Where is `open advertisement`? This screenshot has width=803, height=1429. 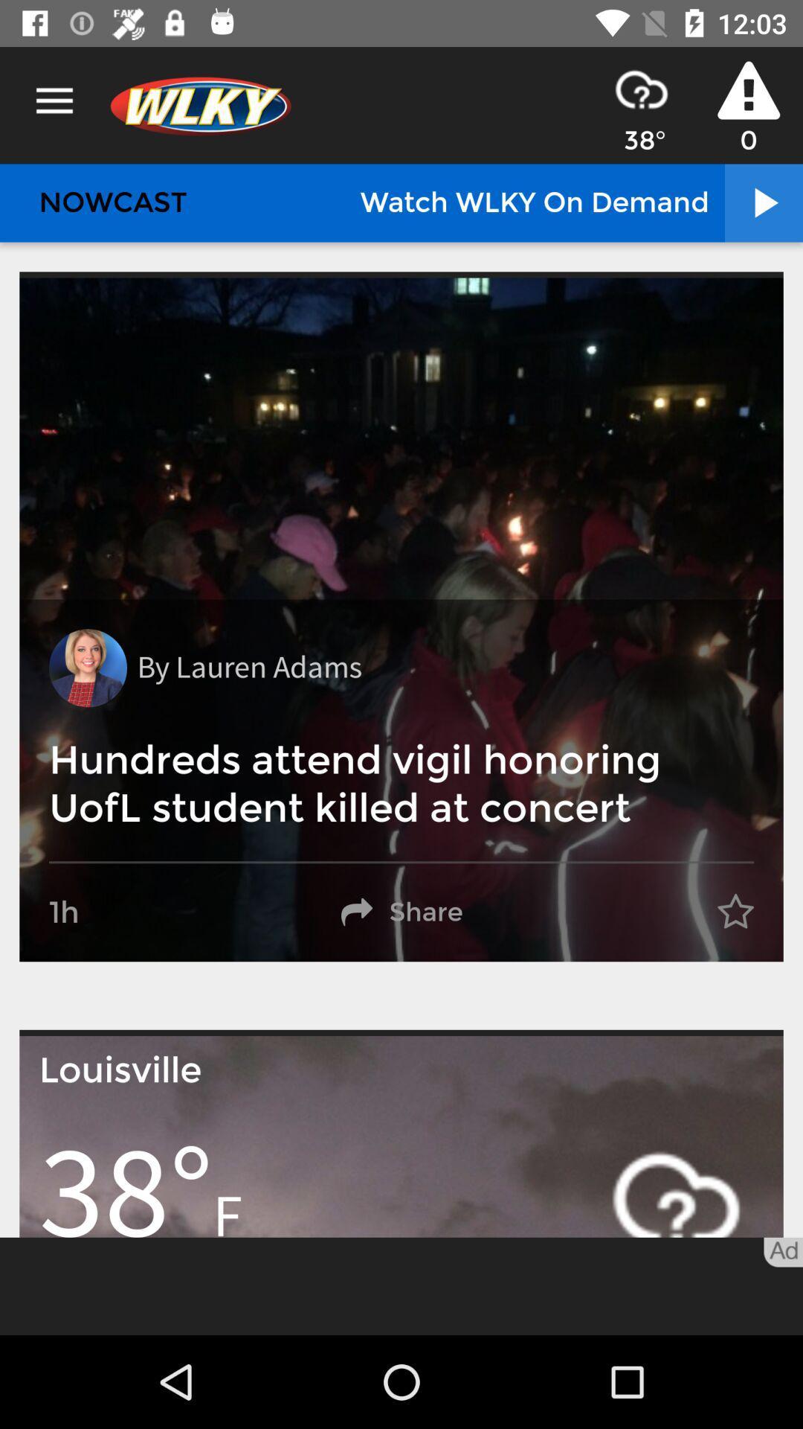
open advertisement is located at coordinates (401, 1285).